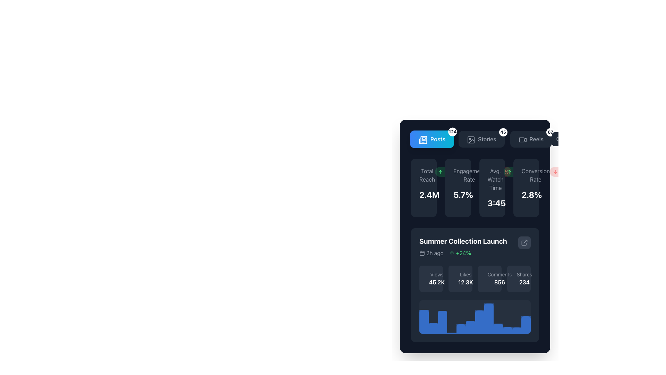 This screenshot has width=666, height=375. I want to click on the text display showing '+24%' styled in green, indicating a positive percentage increase, for reading purposes, so click(463, 253).